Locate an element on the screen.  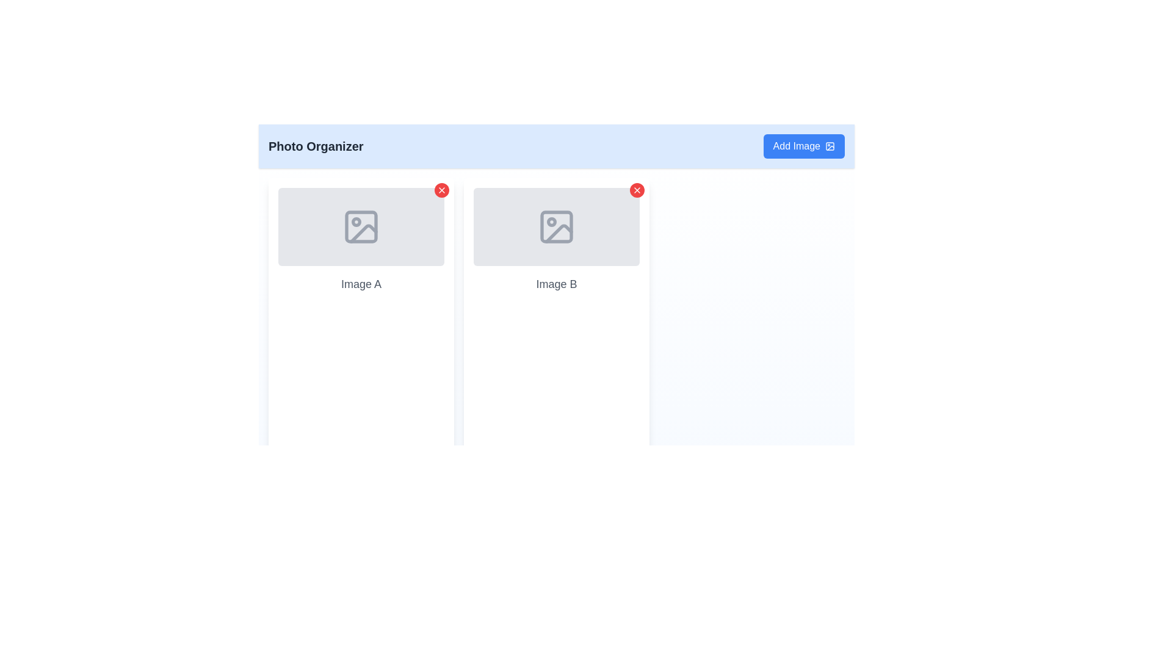
the blue rectangular 'Add Image' button located at the top-right of the 'Photo Organizer' header is located at coordinates (804, 145).